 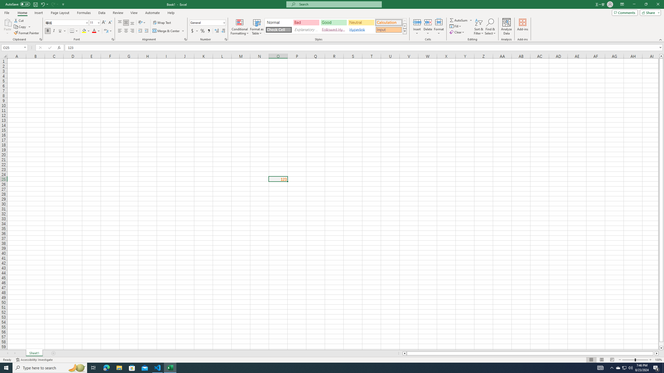 What do you see at coordinates (405, 31) in the screenshot?
I see `'Cell Styles'` at bounding box center [405, 31].